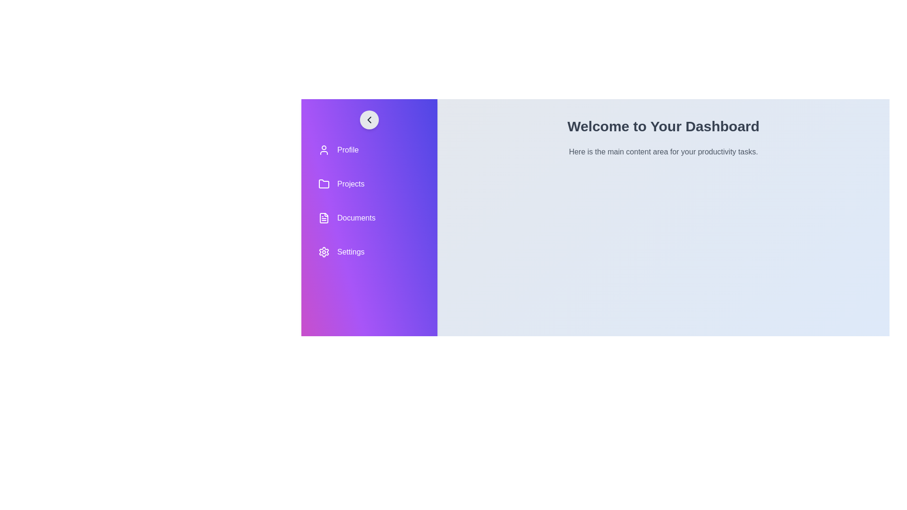  Describe the element at coordinates (369, 119) in the screenshot. I see `toggle button to change the state of the drawer` at that location.